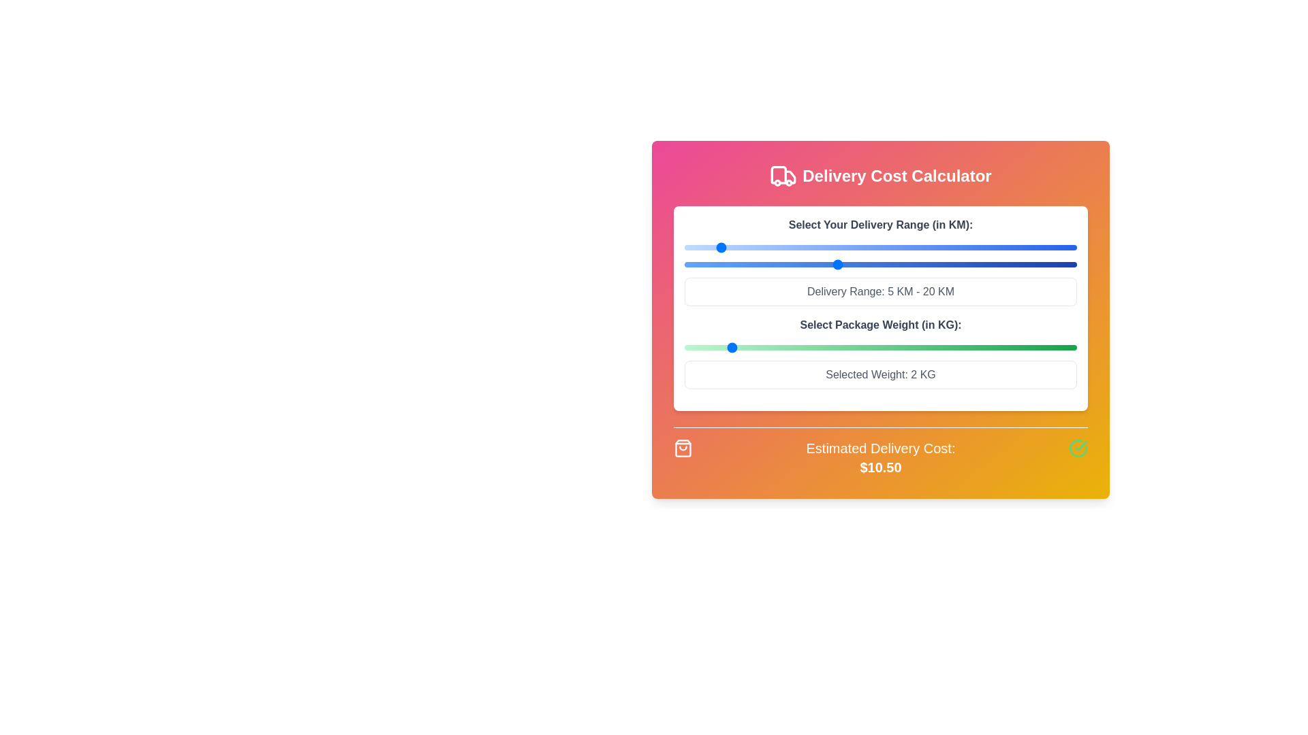  What do you see at coordinates (880, 261) in the screenshot?
I see `the dual sliders of the range selector widget located in the upper portion of the card` at bounding box center [880, 261].